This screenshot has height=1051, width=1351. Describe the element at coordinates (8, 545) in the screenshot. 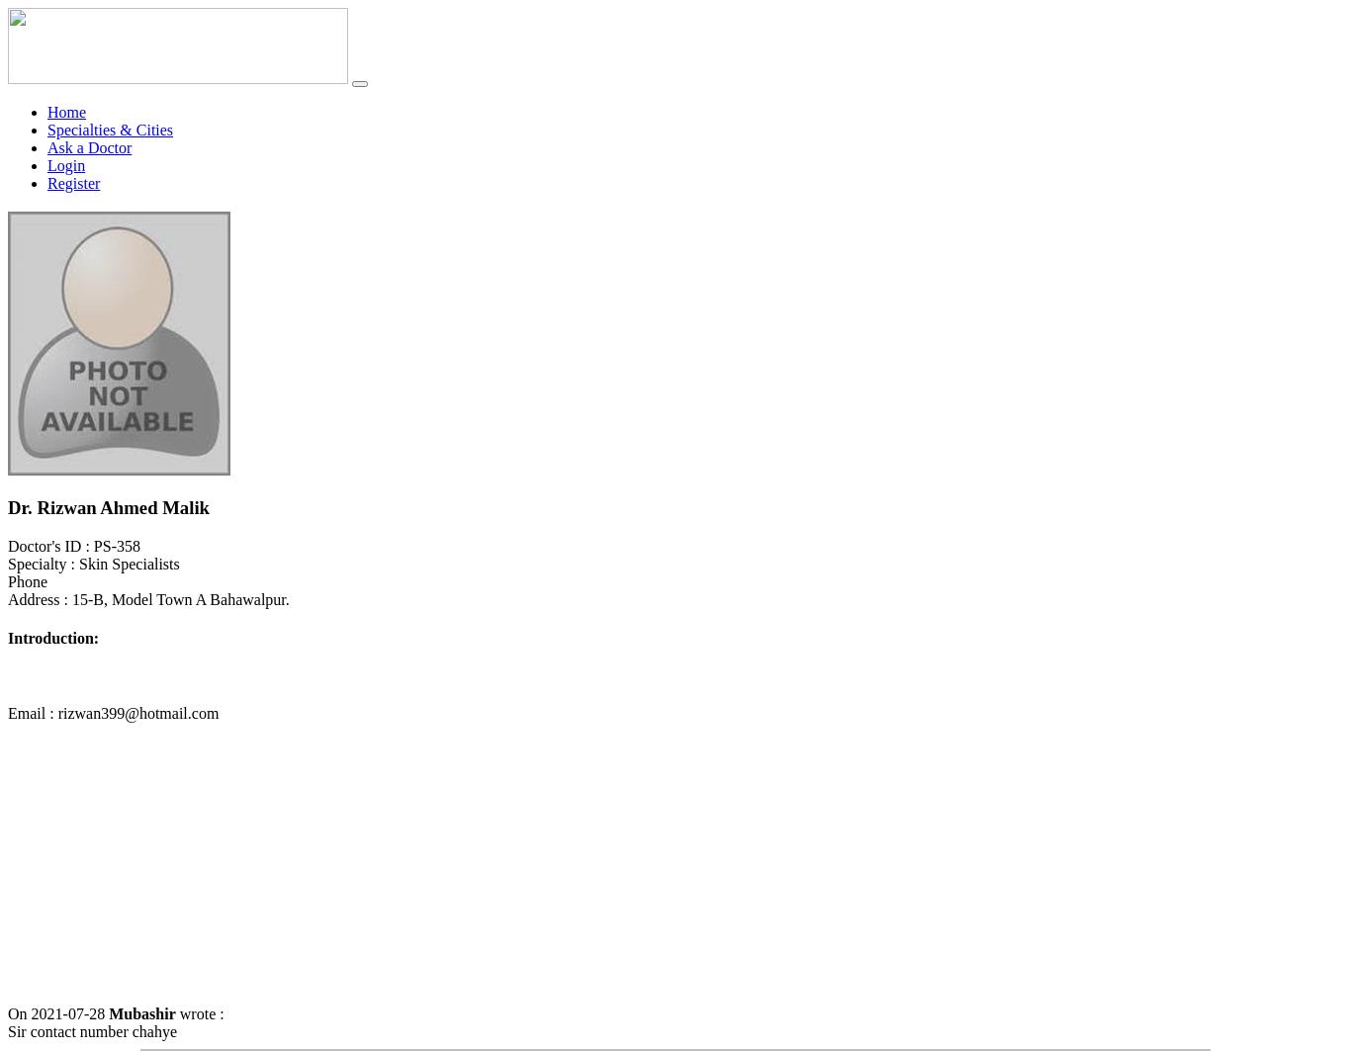

I see `'Doctor's ID : PS-358'` at that location.